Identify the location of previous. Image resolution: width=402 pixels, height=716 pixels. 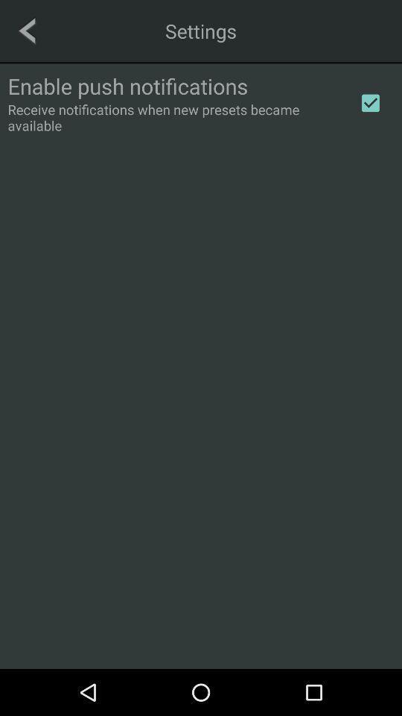
(27, 30).